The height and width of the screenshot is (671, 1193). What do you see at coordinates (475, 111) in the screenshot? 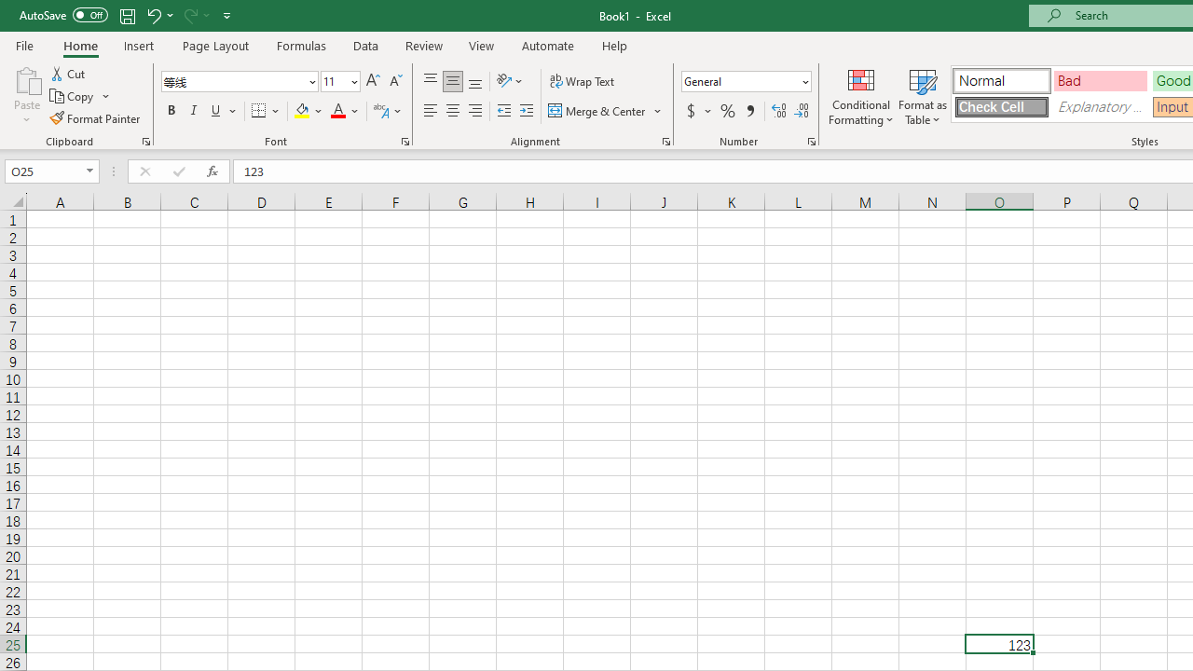
I see `'Align Right'` at bounding box center [475, 111].